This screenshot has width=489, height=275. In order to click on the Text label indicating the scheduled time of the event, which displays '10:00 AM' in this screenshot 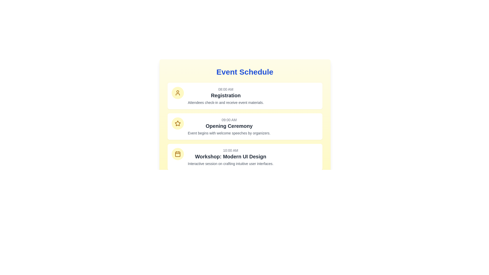, I will do `click(230, 150)`.